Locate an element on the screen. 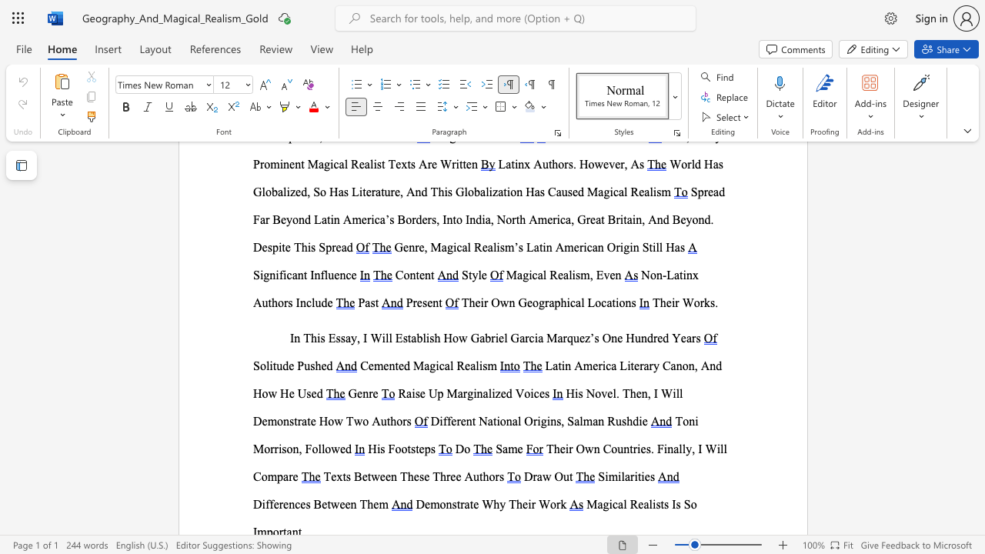  the subset text "Draw Out" within the text "Draw Out" is located at coordinates (523, 476).